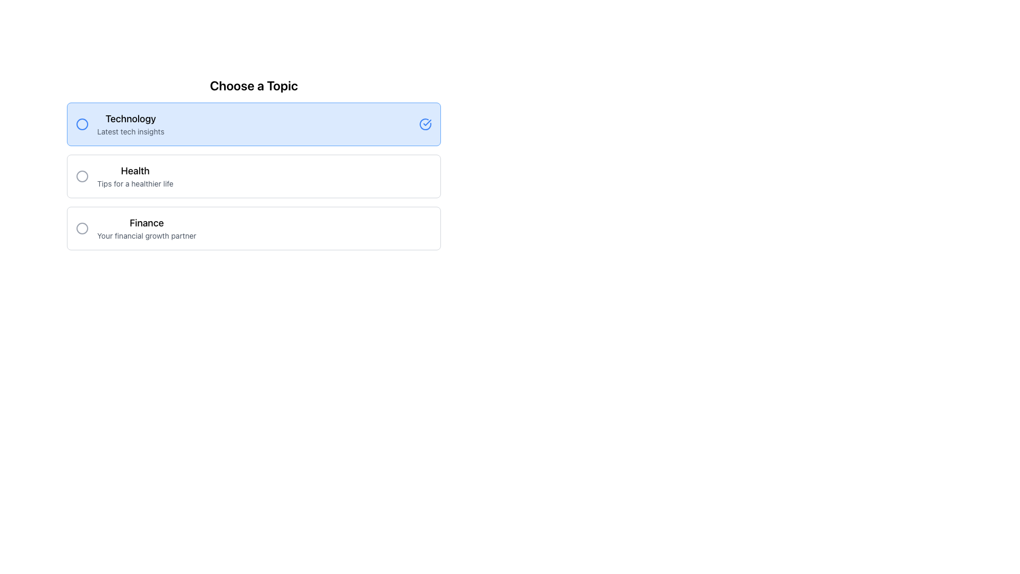  I want to click on the unselected radio button circle indicating the 'Finance' option in the 'Choose a Topic' selection menu, so click(81, 227).